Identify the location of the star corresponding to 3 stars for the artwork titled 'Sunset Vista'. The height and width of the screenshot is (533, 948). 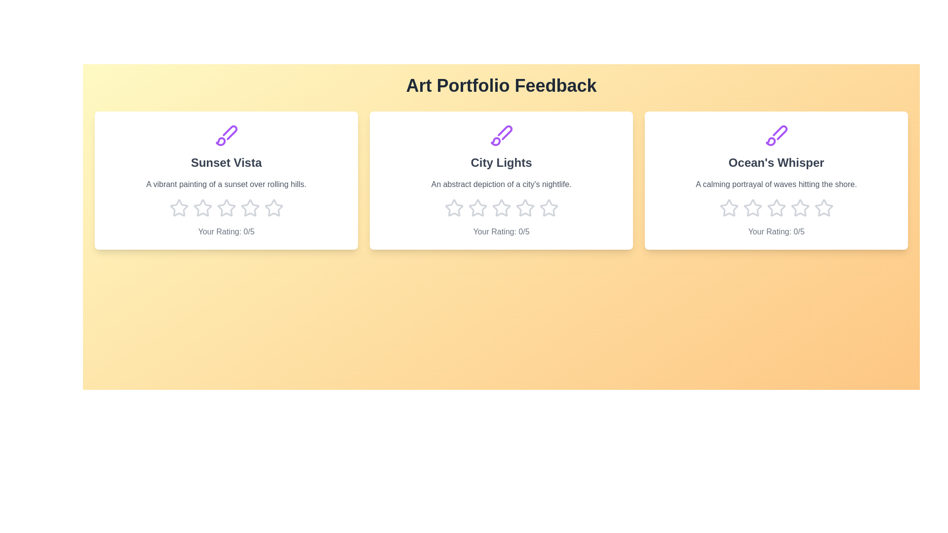
(226, 207).